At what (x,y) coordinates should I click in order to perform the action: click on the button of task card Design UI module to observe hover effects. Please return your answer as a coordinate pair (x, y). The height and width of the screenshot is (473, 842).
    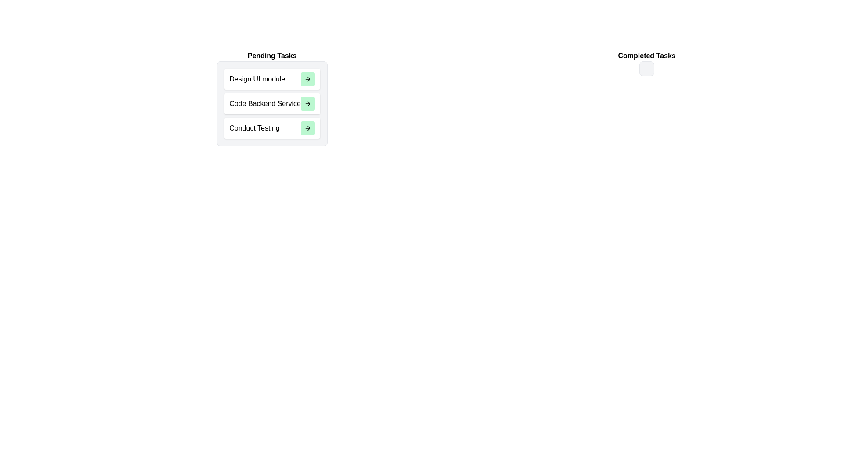
    Looking at the image, I should click on (307, 79).